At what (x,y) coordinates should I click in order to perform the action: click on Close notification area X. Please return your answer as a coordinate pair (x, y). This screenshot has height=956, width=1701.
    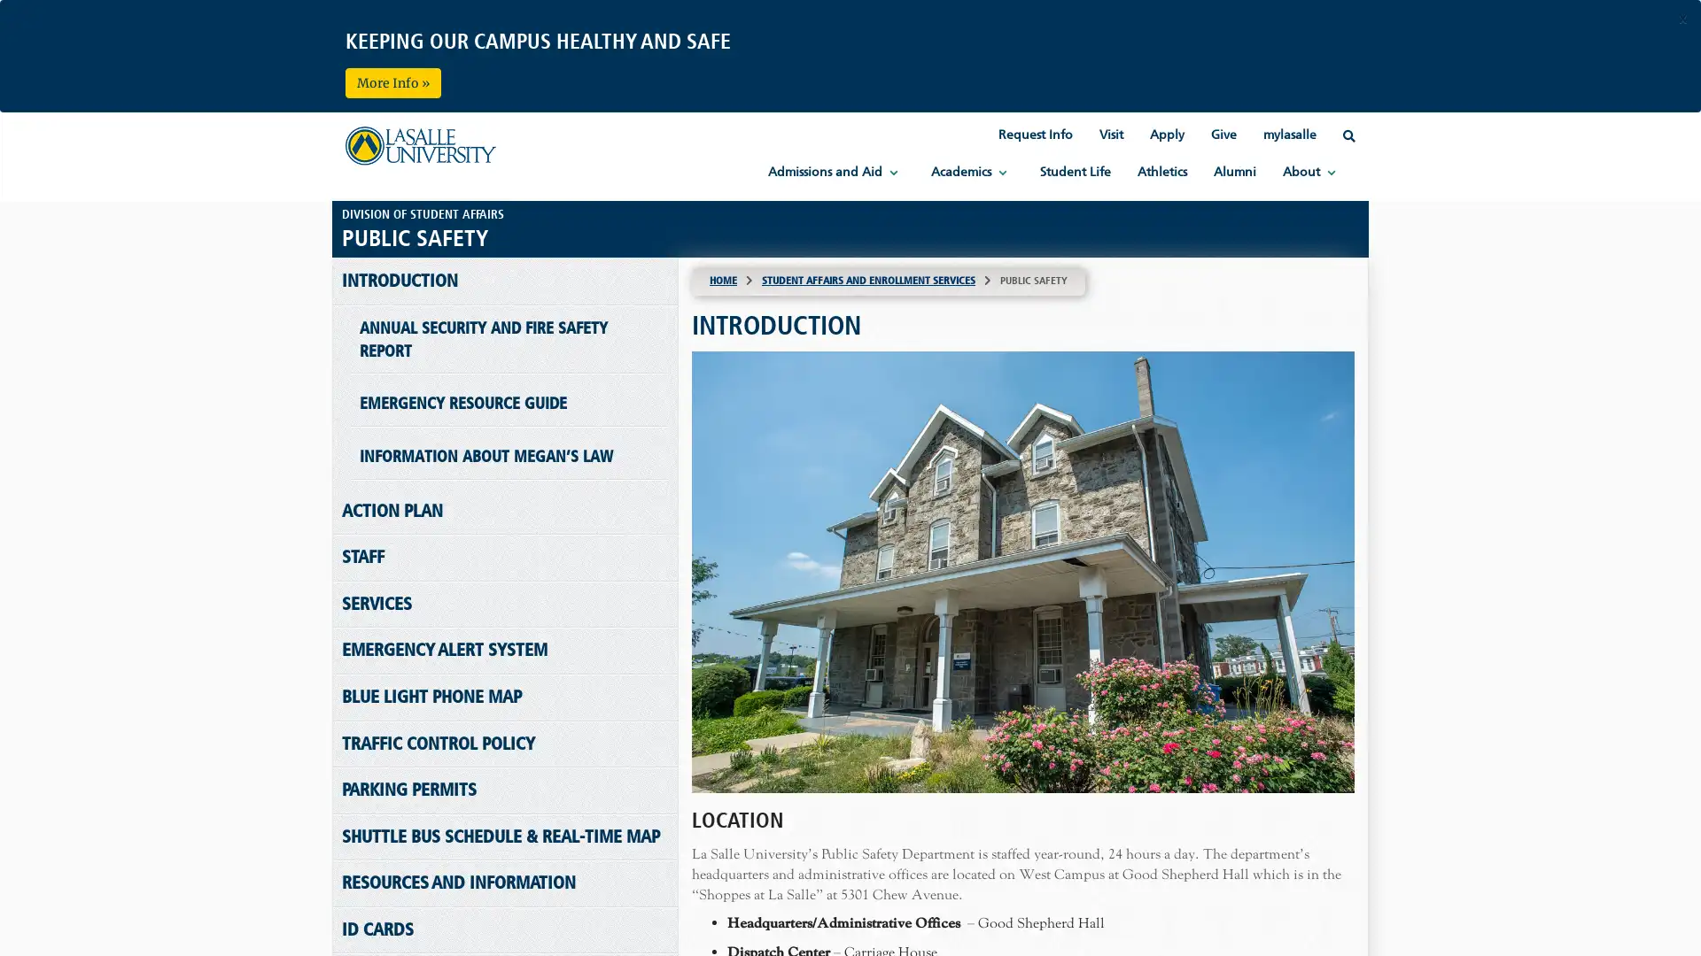
    Looking at the image, I should click on (1682, 19).